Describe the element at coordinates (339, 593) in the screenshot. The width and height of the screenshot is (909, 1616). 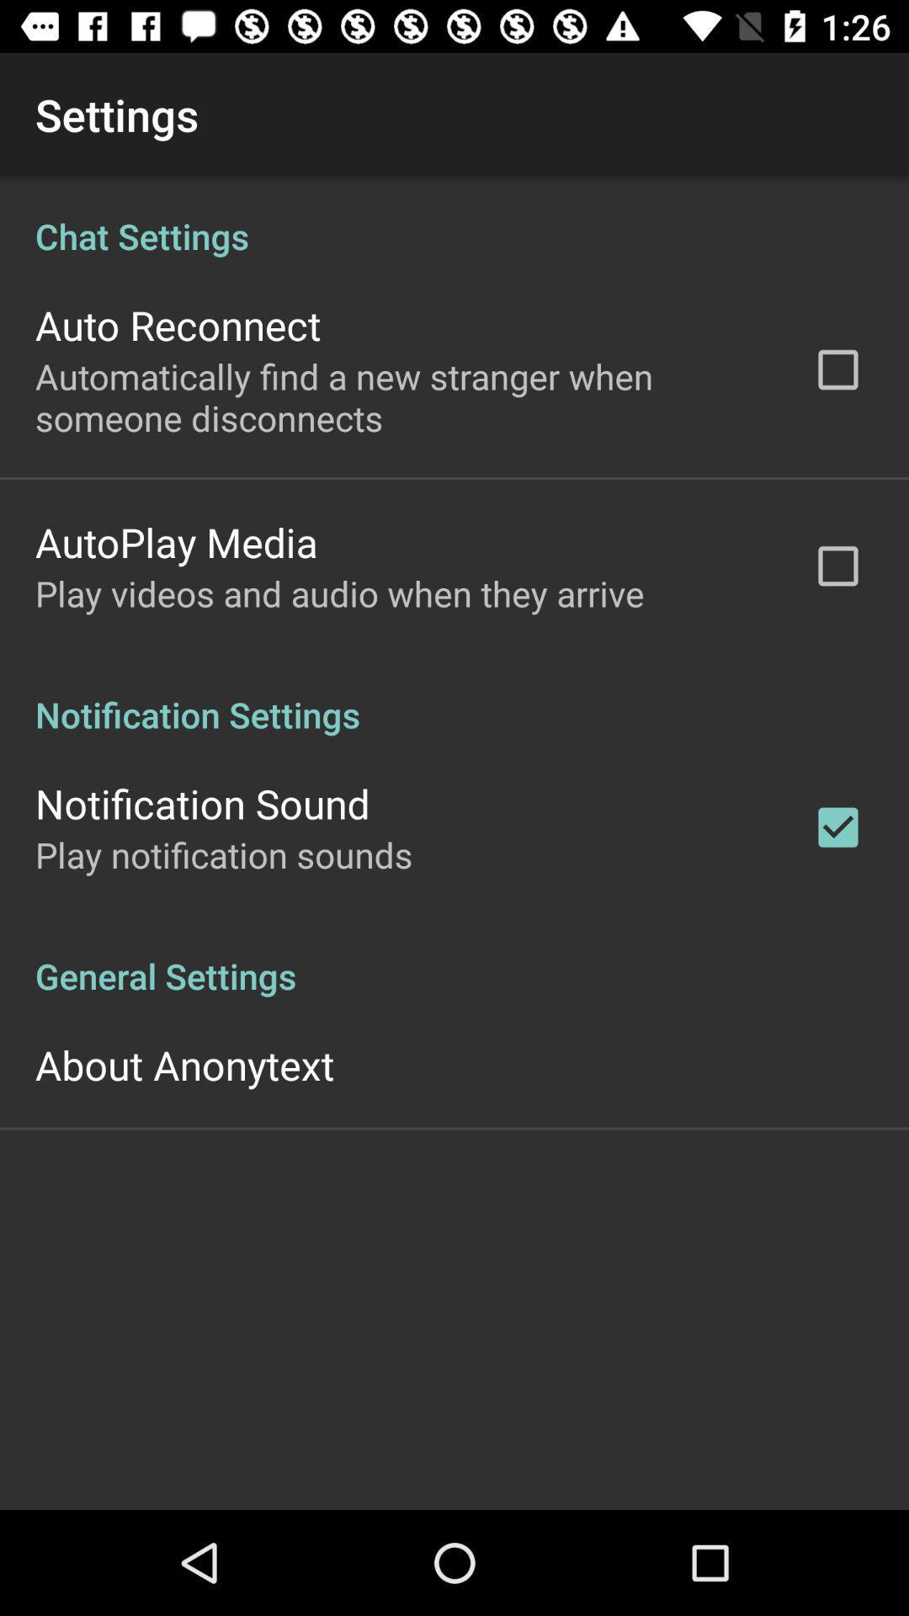
I see `play videos and app` at that location.